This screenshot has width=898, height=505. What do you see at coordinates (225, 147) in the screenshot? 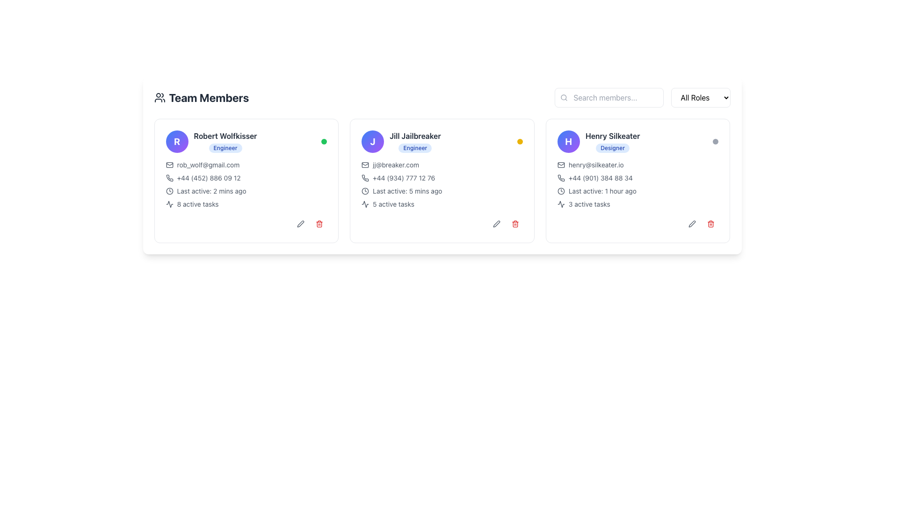
I see `underlying HTML structure of the badge-like label with the text 'Engineer' located below the name 'Robert Wolfkisser'` at bounding box center [225, 147].